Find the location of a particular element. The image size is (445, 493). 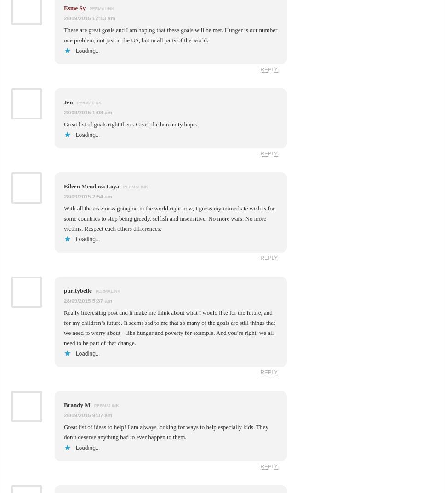

'28/09/2015 5:37 am' is located at coordinates (88, 300).